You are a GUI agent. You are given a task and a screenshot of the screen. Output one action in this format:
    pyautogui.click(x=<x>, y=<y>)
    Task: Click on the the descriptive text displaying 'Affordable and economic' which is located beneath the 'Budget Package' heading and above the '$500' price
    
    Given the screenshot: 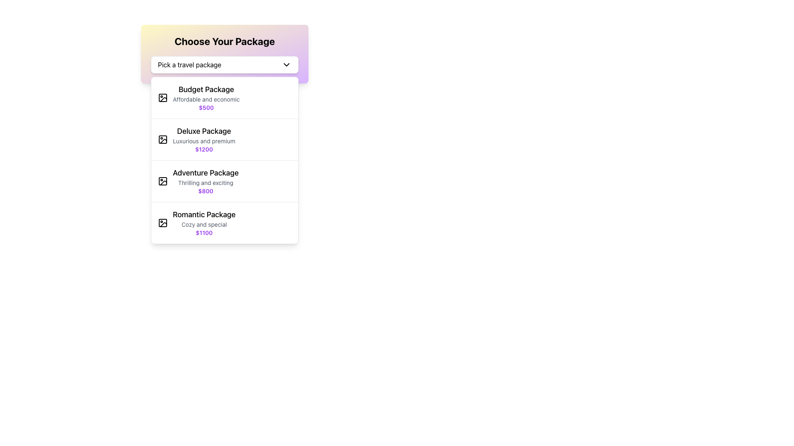 What is the action you would take?
    pyautogui.click(x=206, y=99)
    